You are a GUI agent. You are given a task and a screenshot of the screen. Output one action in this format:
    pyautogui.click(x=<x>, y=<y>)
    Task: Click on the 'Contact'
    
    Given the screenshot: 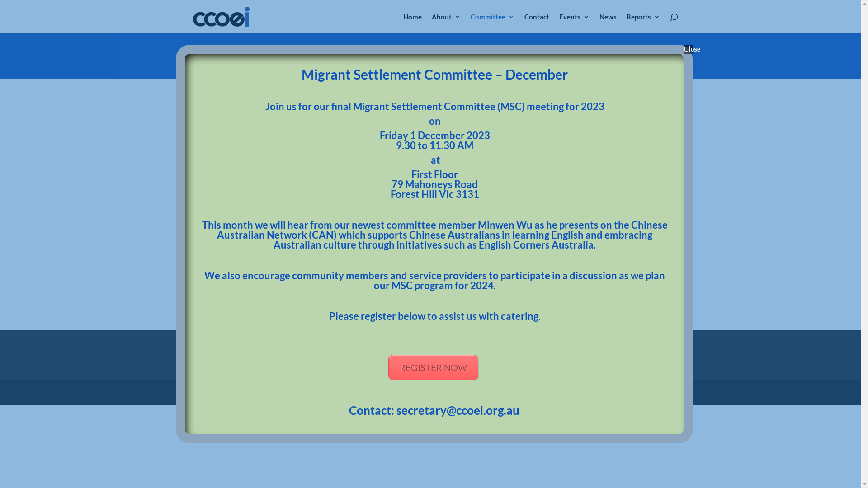 What is the action you would take?
    pyautogui.click(x=524, y=23)
    